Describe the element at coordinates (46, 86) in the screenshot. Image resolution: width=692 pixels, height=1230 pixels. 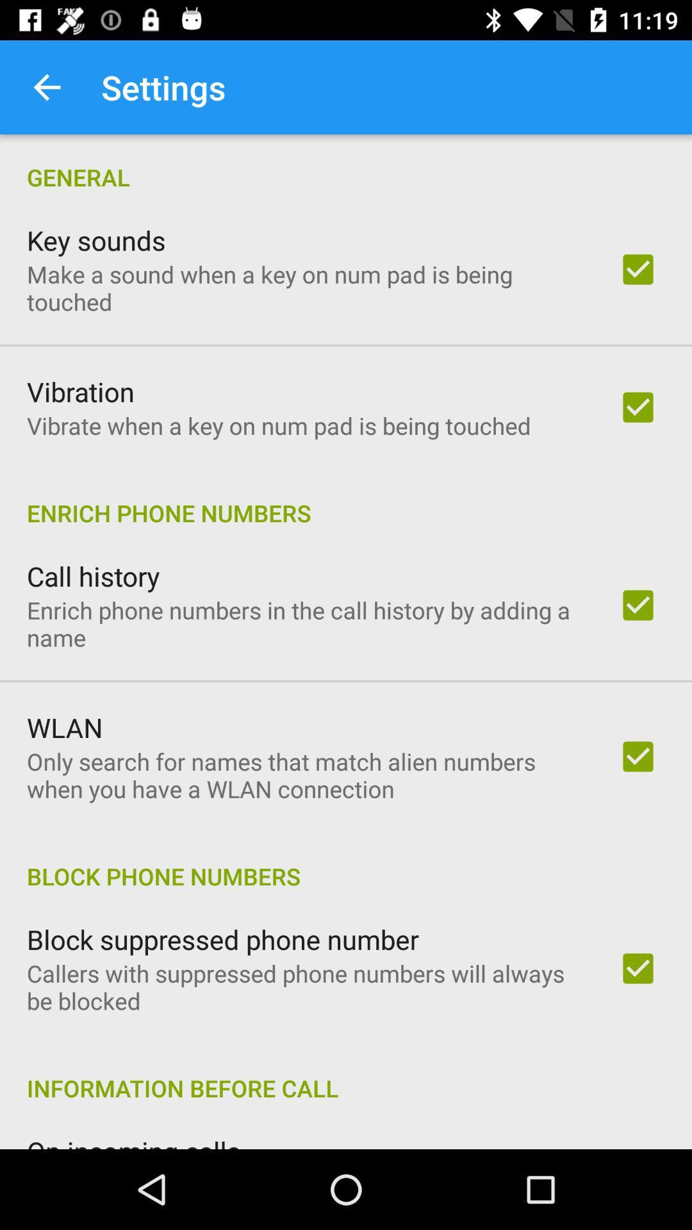
I see `item above the general icon` at that location.